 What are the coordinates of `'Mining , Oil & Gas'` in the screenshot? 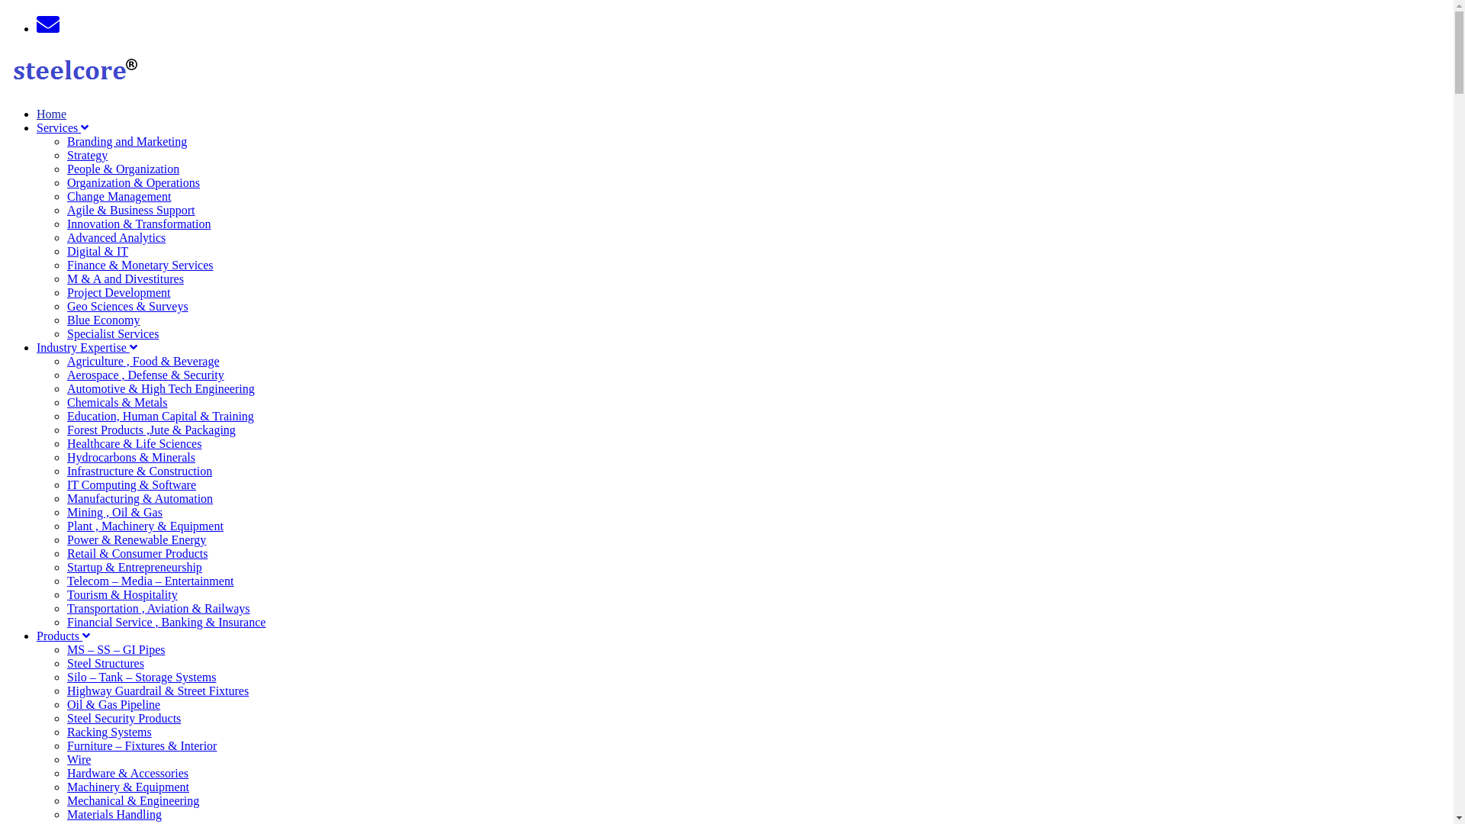 It's located at (114, 512).